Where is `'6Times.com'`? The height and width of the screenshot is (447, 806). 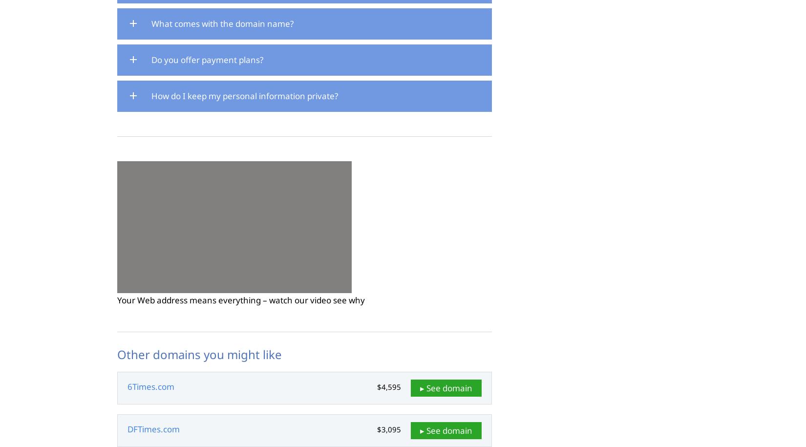 '6Times.com' is located at coordinates (151, 386).